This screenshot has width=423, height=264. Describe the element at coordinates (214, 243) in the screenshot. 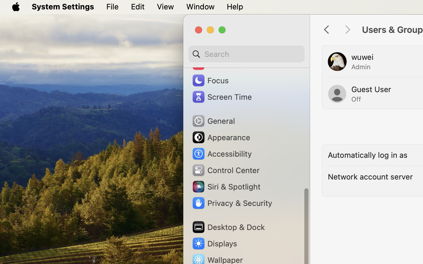

I see `'Displays'` at that location.